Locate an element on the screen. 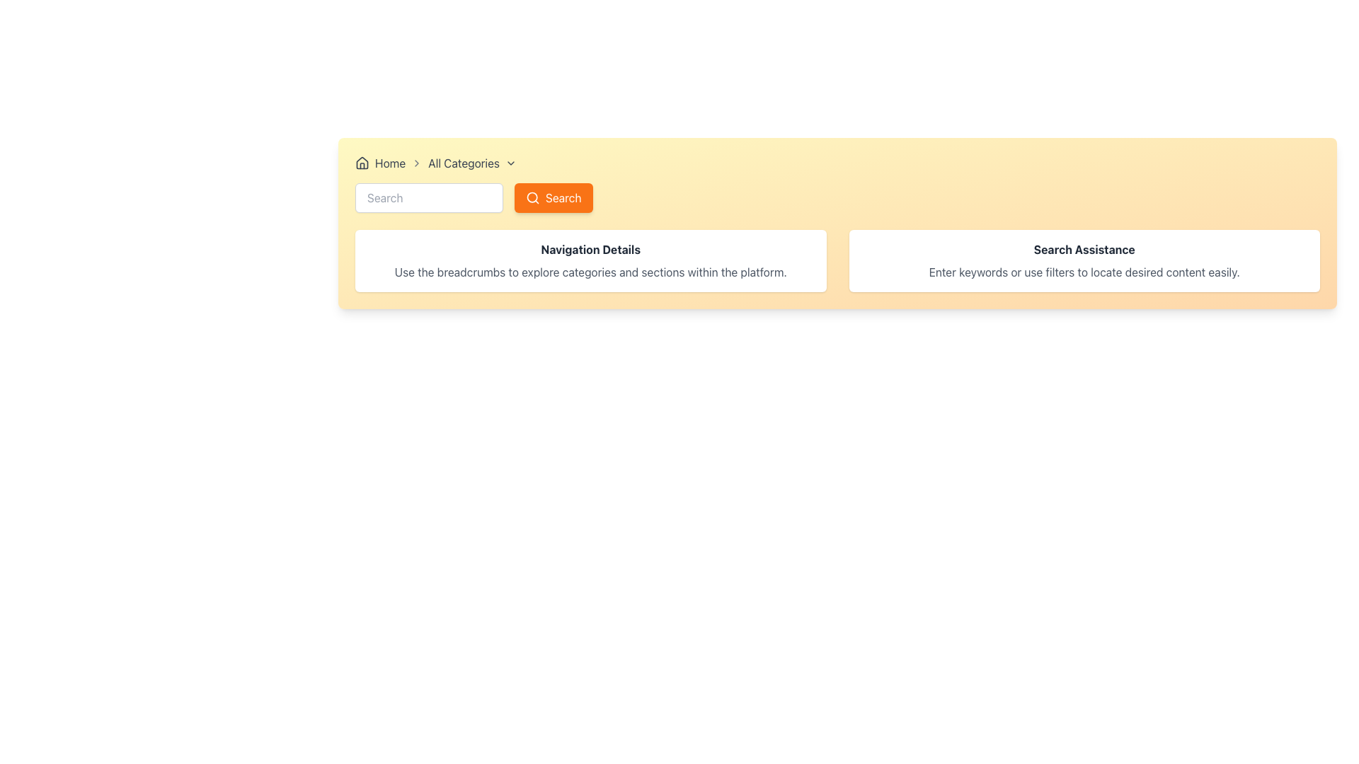  the heading text element located within a white card with rounded corners and shadowing effects, positioned centrally above the description text is located at coordinates (590, 249).